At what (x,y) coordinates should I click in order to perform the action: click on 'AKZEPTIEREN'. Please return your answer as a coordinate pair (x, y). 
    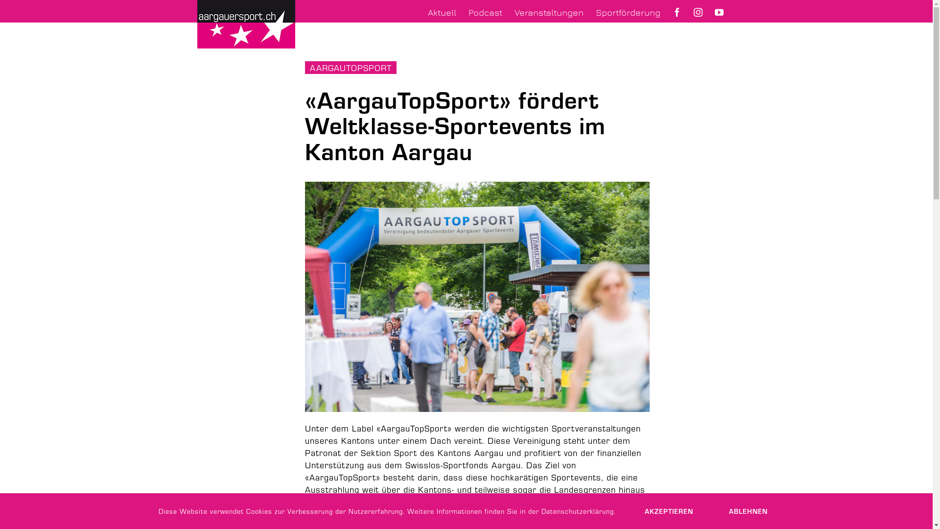
    Looking at the image, I should click on (630, 510).